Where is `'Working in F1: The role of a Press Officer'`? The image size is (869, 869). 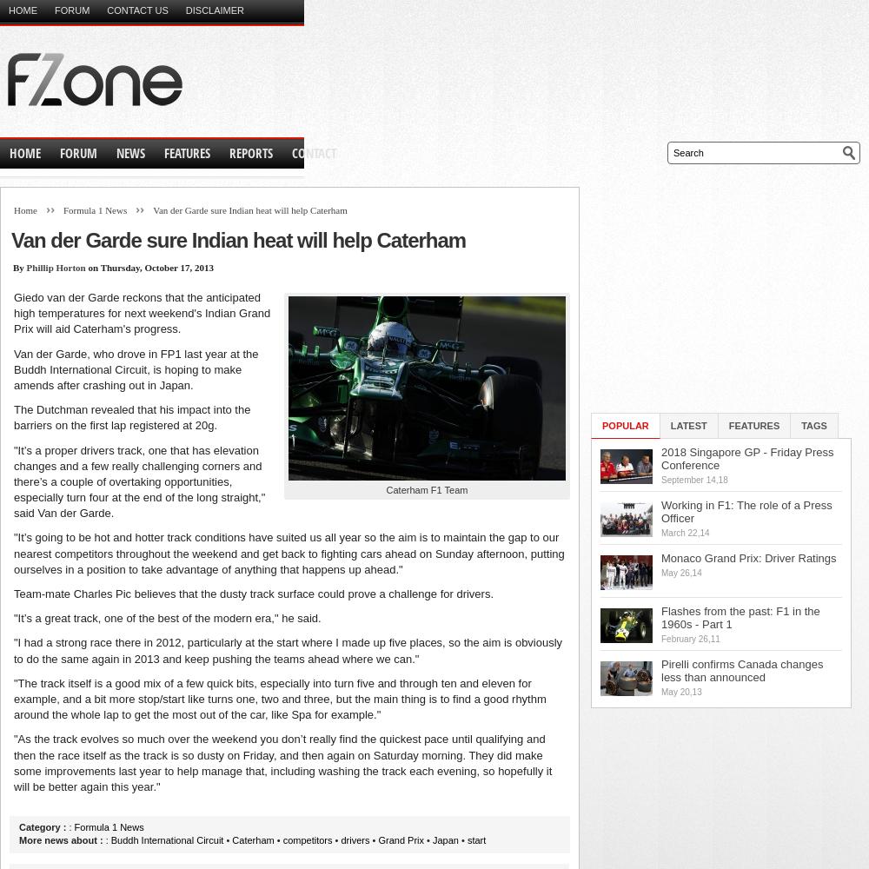 'Working in F1: The role of a Press Officer' is located at coordinates (746, 511).